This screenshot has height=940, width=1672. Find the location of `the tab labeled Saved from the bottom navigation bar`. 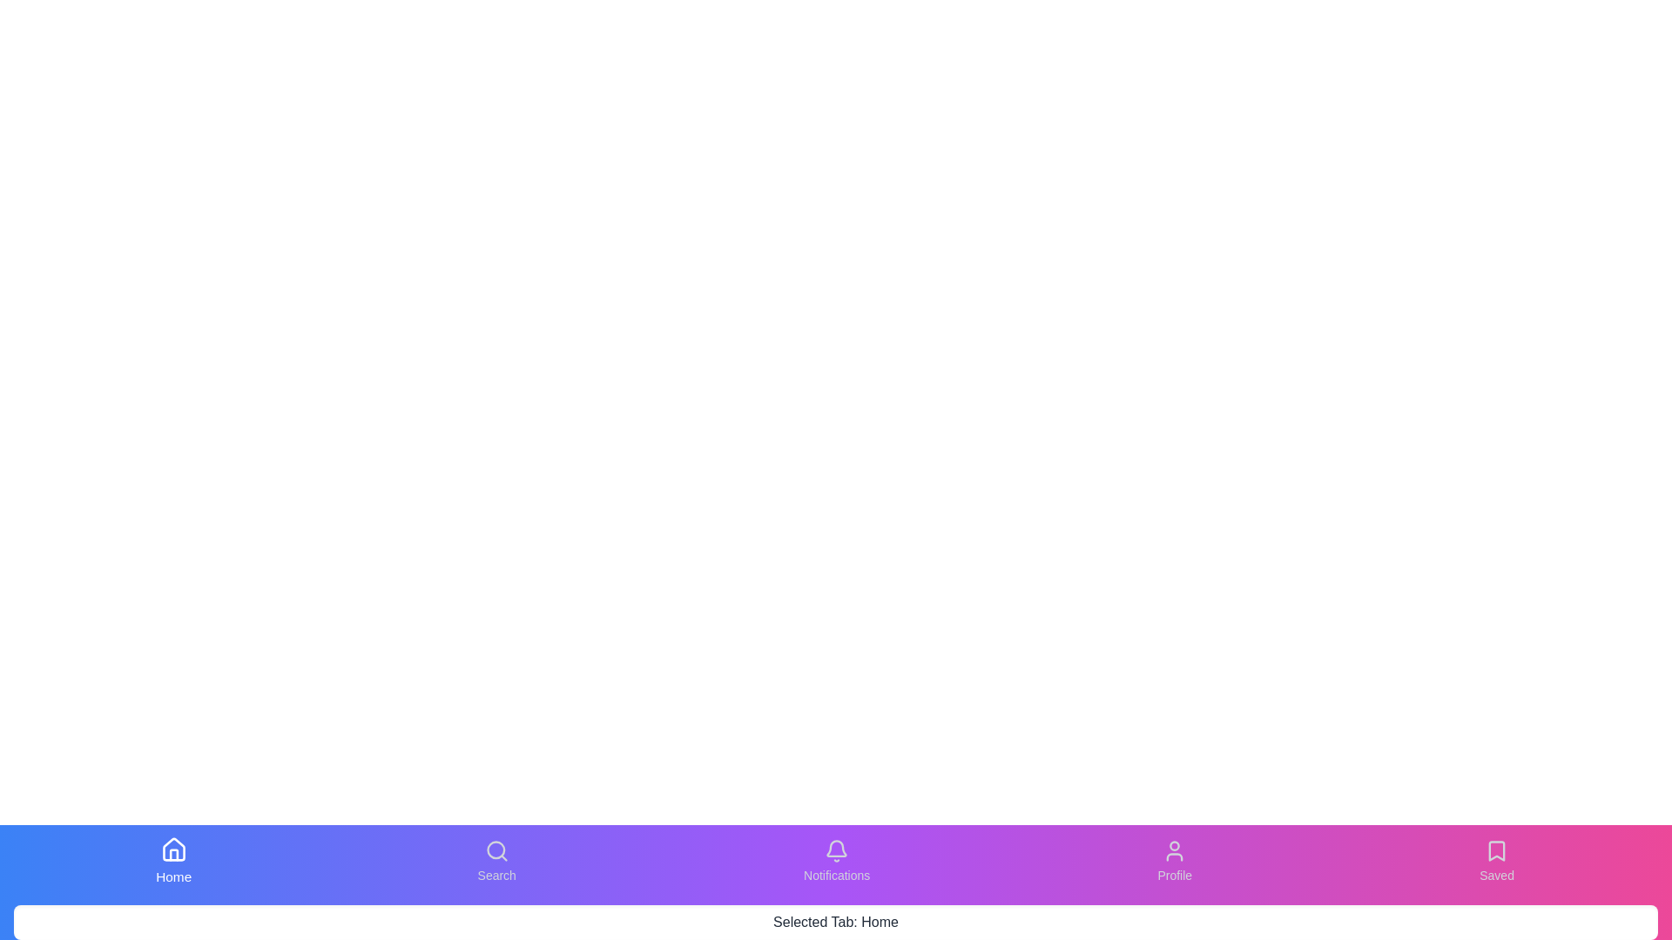

the tab labeled Saved from the bottom navigation bar is located at coordinates (1495, 862).